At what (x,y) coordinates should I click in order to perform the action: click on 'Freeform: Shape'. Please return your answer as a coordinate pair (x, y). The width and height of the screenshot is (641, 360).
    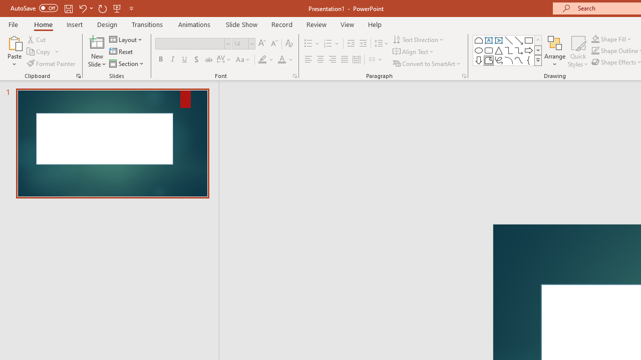
    Looking at the image, I should click on (489, 60).